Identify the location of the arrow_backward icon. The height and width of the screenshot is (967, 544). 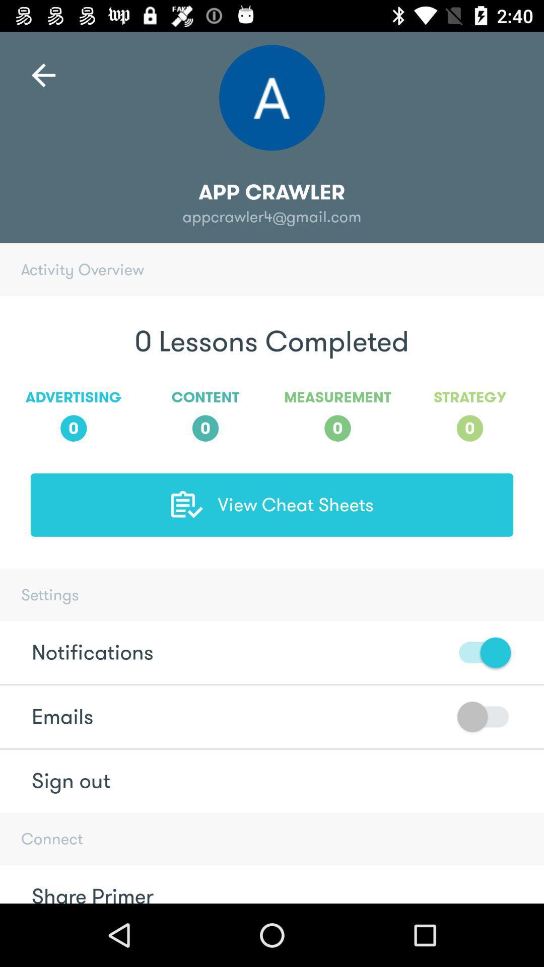
(43, 75).